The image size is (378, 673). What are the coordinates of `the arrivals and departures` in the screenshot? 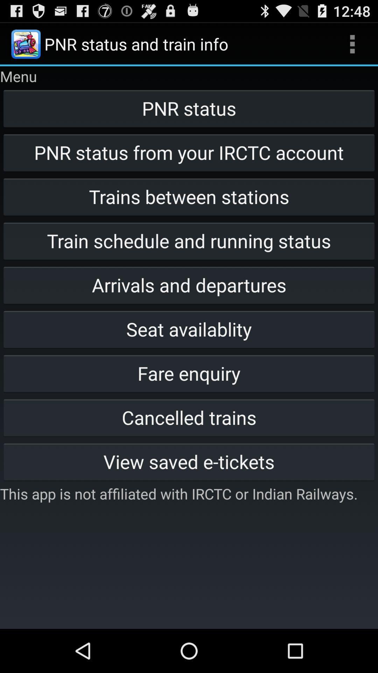 It's located at (189, 285).